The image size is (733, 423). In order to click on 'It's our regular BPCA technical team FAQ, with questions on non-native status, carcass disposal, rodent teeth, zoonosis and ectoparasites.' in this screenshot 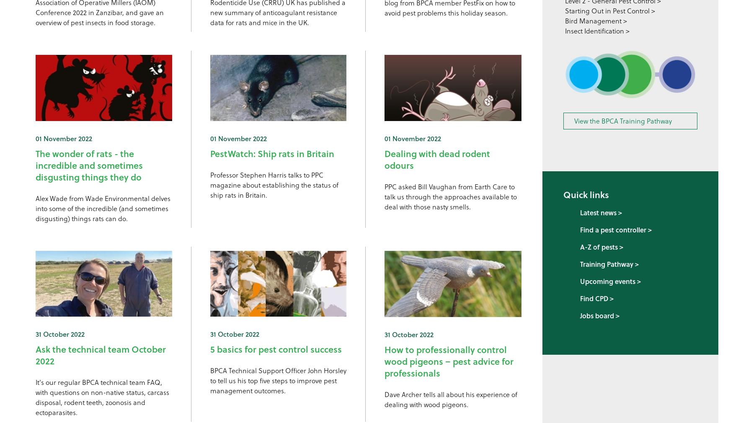, I will do `click(102, 397)`.